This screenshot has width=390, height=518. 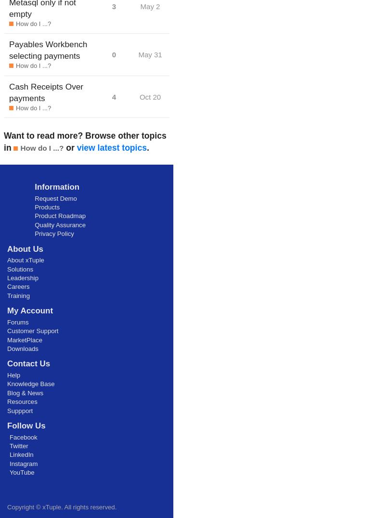 What do you see at coordinates (20, 410) in the screenshot?
I see `'Suppport'` at bounding box center [20, 410].